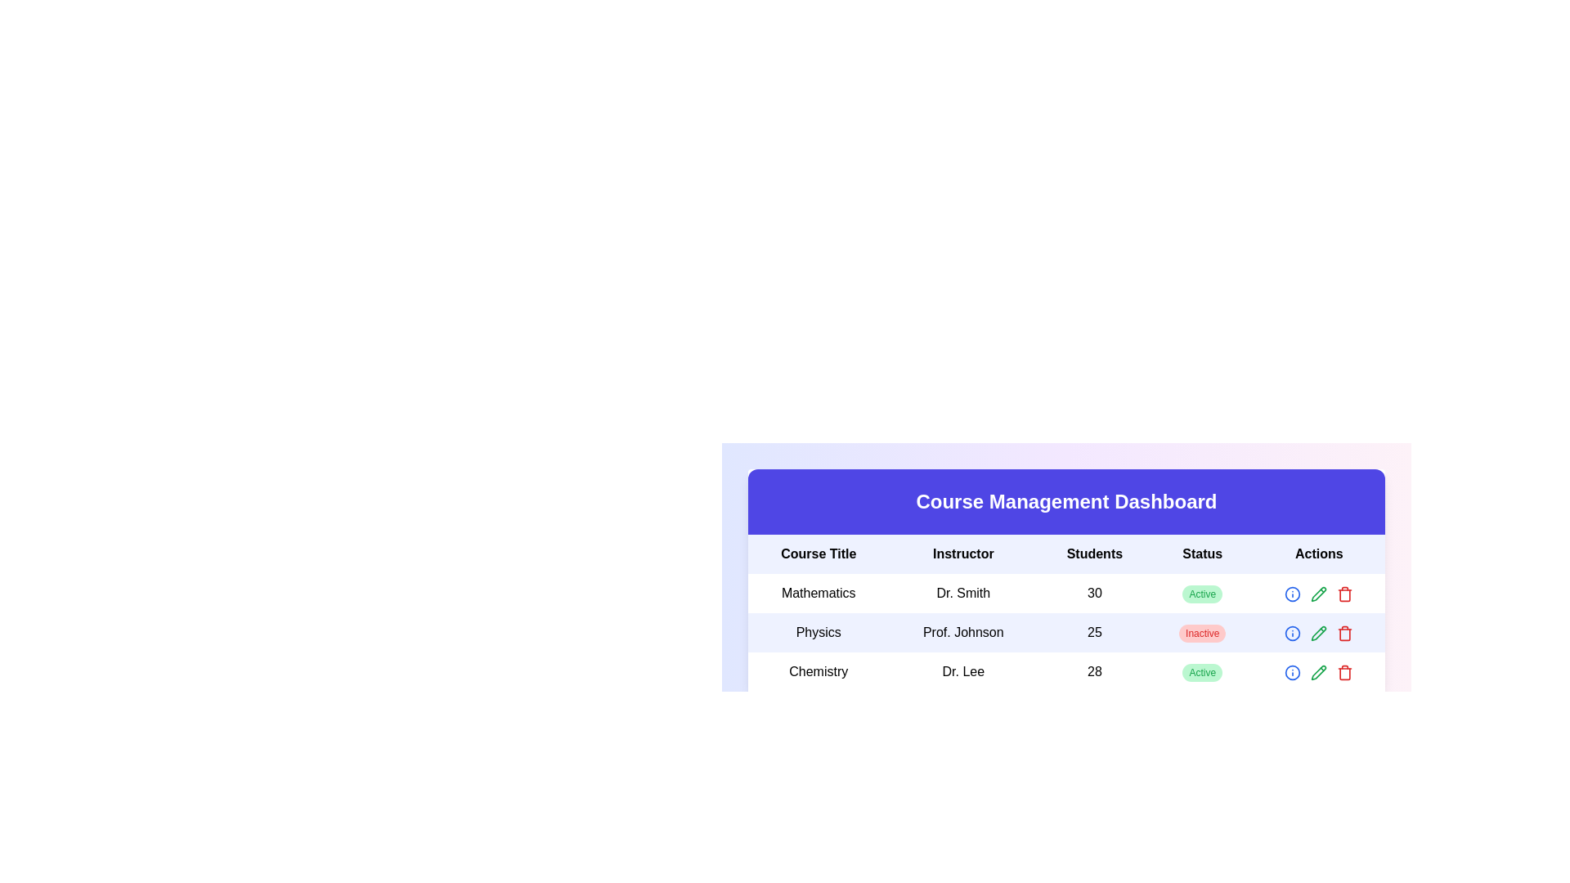  What do you see at coordinates (1345, 672) in the screenshot?
I see `the delete icon located in the bottom-most row of the 'Actions' column in the table, which is the third column from the right` at bounding box center [1345, 672].